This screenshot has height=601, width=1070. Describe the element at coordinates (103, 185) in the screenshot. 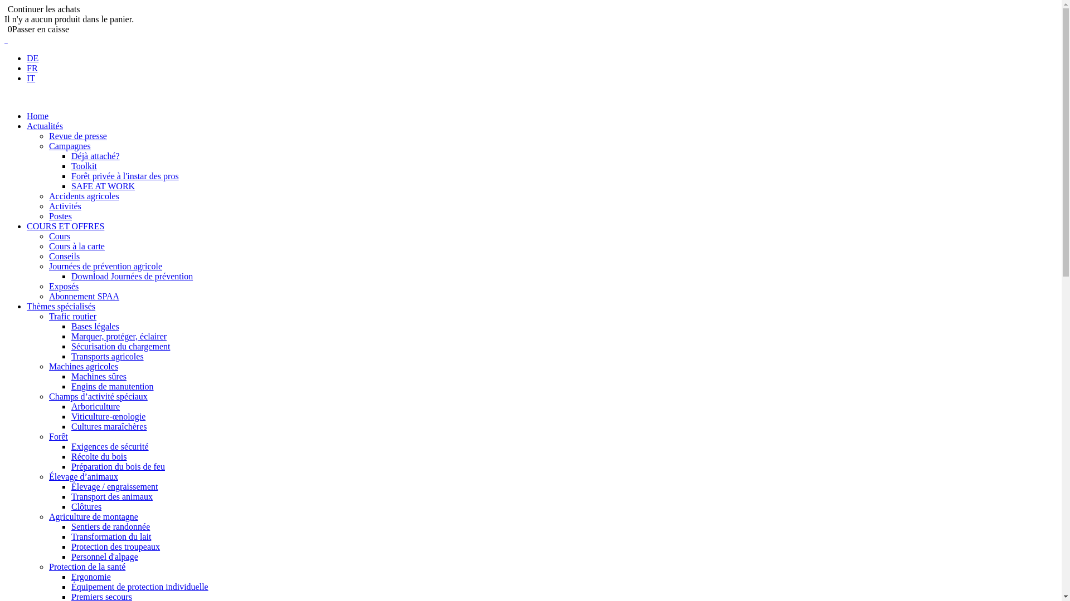

I see `'SAFE AT WORK'` at that location.